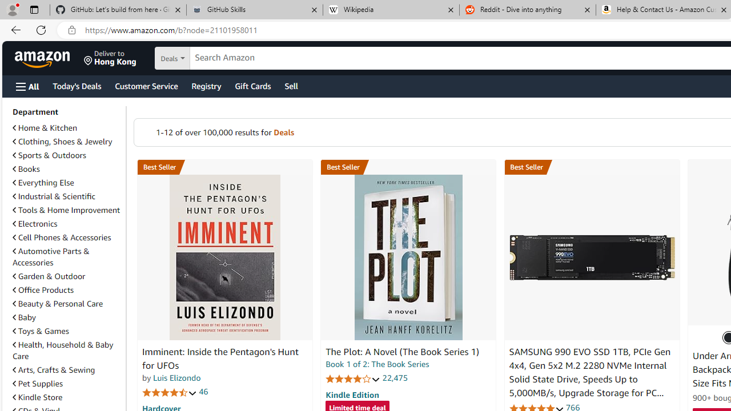  I want to click on 'Sports & Outdoors', so click(49, 155).